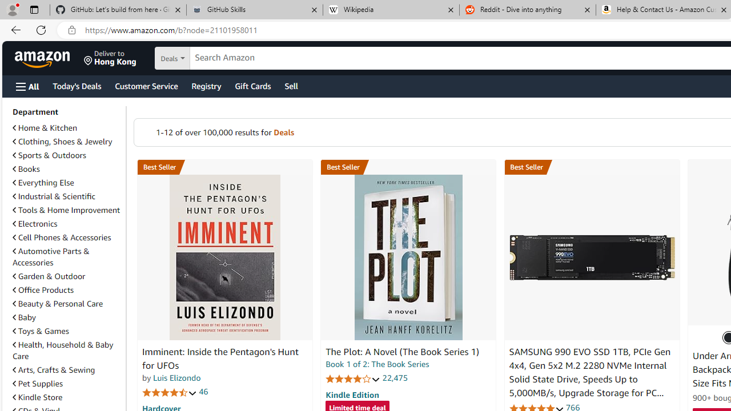  I want to click on 'Sports & Outdoors', so click(49, 155).